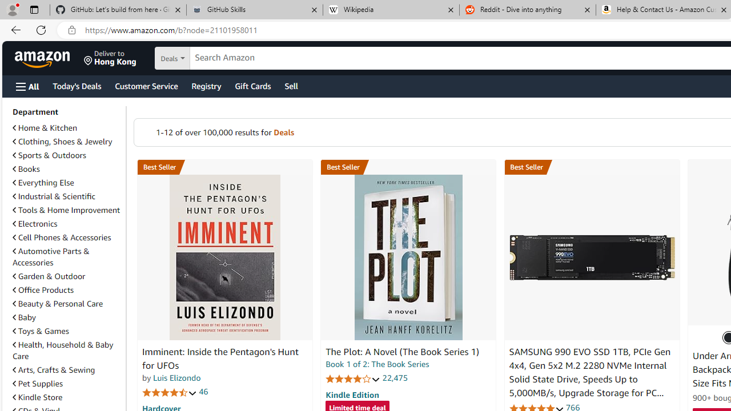  I want to click on 'Sports & Outdoors', so click(49, 155).